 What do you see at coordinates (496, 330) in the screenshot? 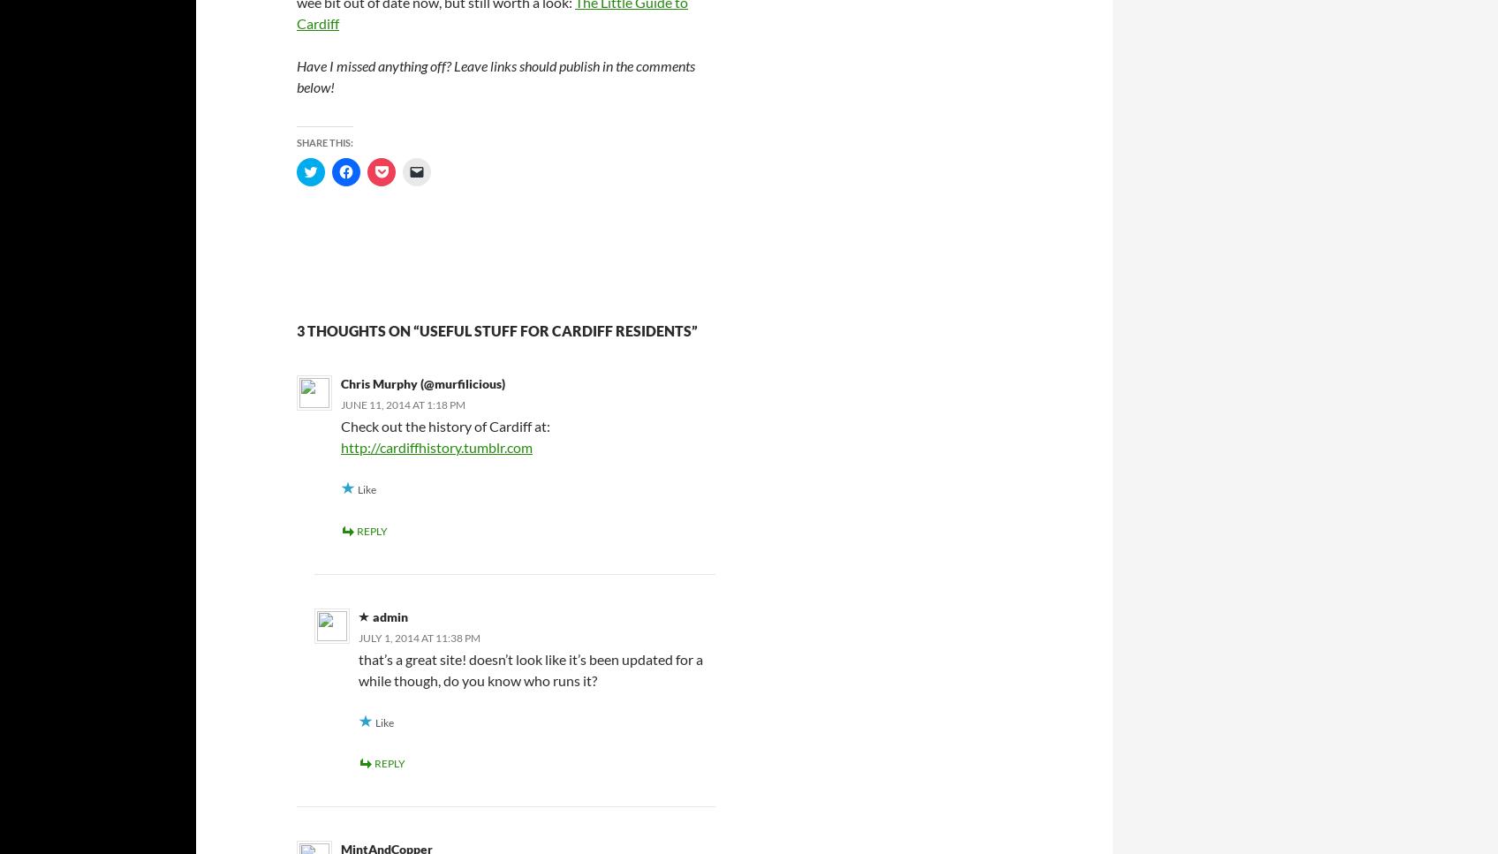
I see `'3 thoughts on “Useful stuff for Cardiff residents”'` at bounding box center [496, 330].